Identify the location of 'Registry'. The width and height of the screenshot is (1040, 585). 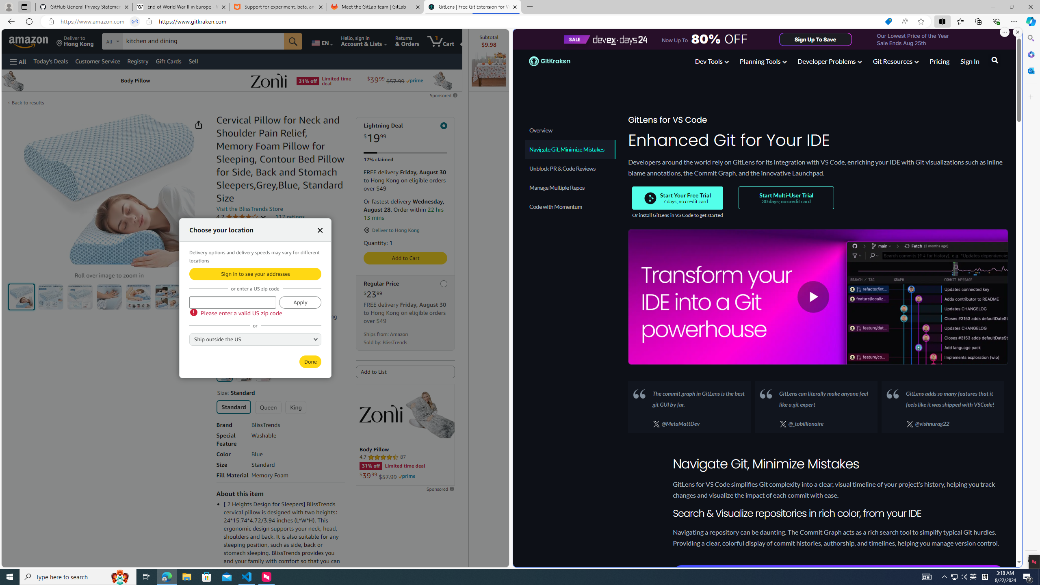
(137, 61).